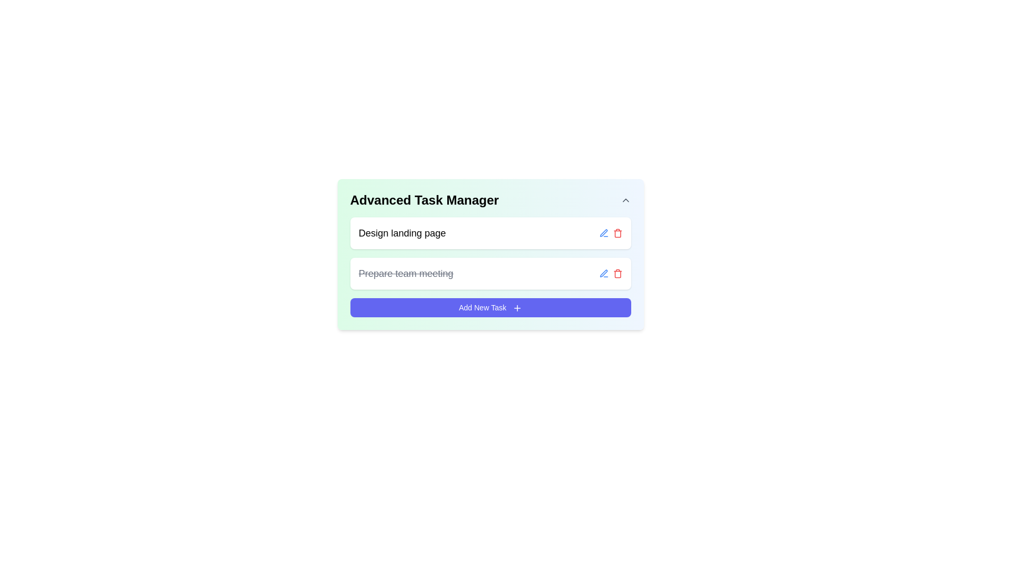 This screenshot has width=1021, height=574. What do you see at coordinates (625, 200) in the screenshot?
I see `the toggle button located in the top-right corner of the 'Advanced Task Manager' section` at bounding box center [625, 200].